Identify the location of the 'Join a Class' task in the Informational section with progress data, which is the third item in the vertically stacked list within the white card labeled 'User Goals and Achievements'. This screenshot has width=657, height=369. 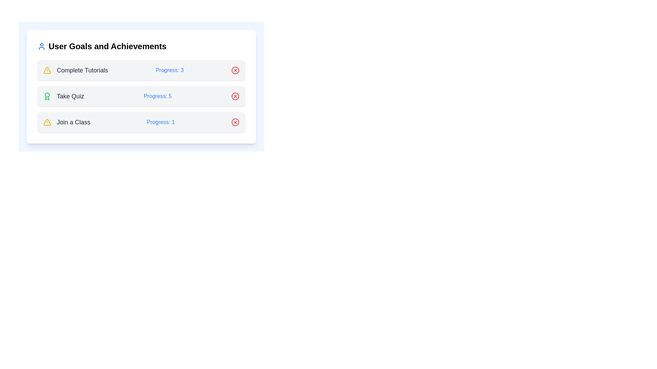
(141, 122).